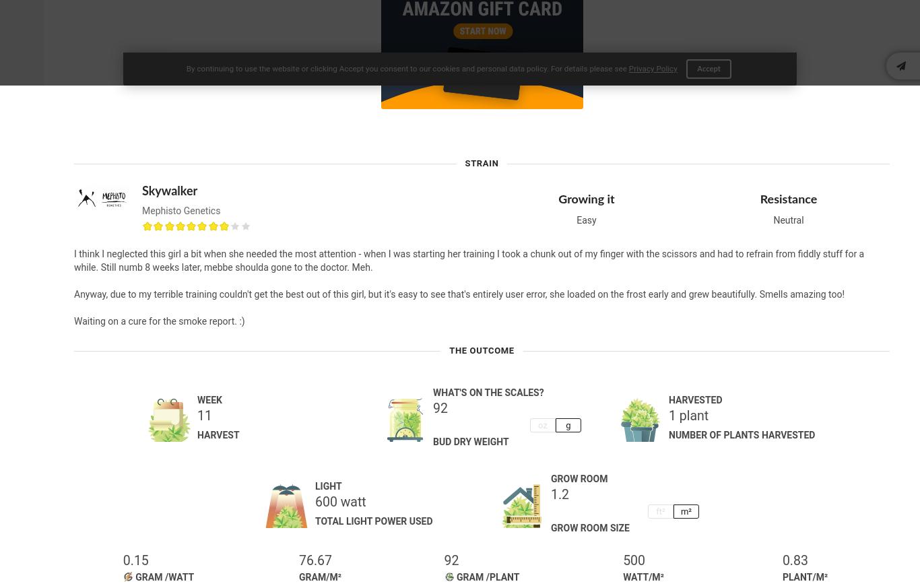 The height and width of the screenshot is (588, 920). I want to click on 'By continuing to use the website or clicking Accept you consent to our cookies and personal data policy. For details please see', so click(406, 68).